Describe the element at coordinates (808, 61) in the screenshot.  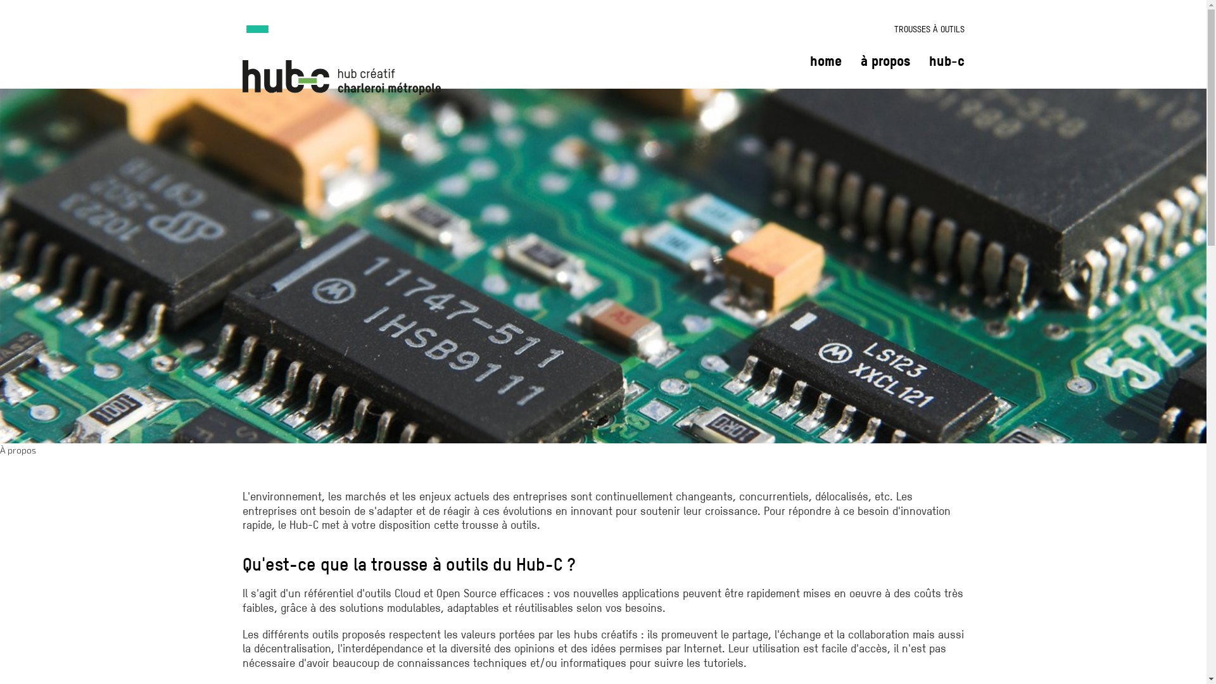
I see `'home'` at that location.